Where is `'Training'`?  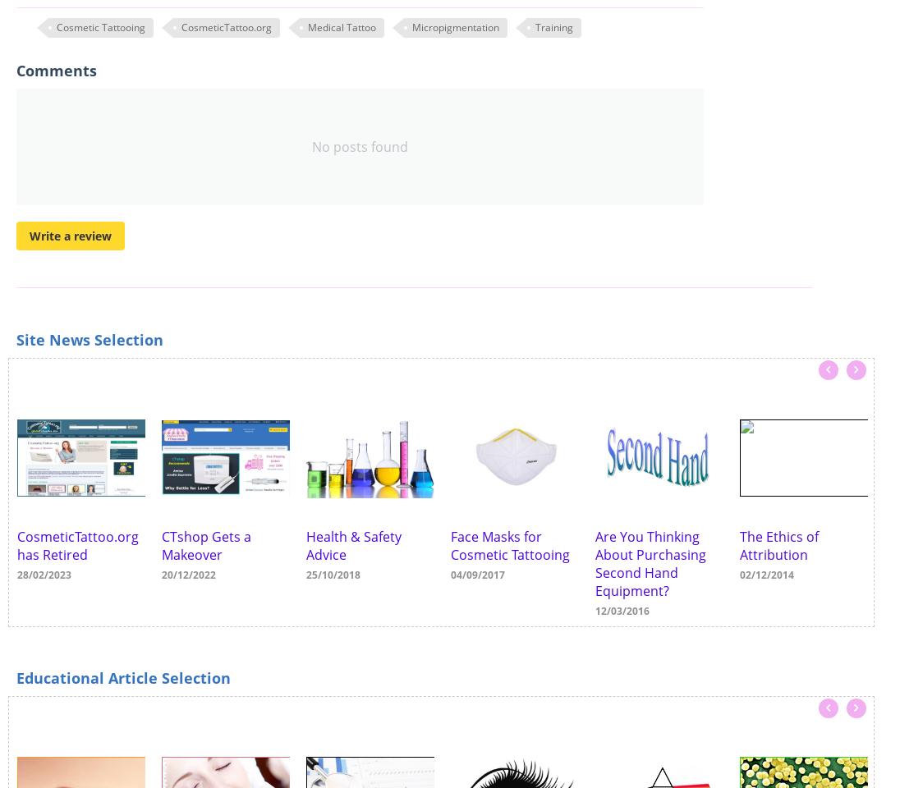 'Training' is located at coordinates (553, 25).